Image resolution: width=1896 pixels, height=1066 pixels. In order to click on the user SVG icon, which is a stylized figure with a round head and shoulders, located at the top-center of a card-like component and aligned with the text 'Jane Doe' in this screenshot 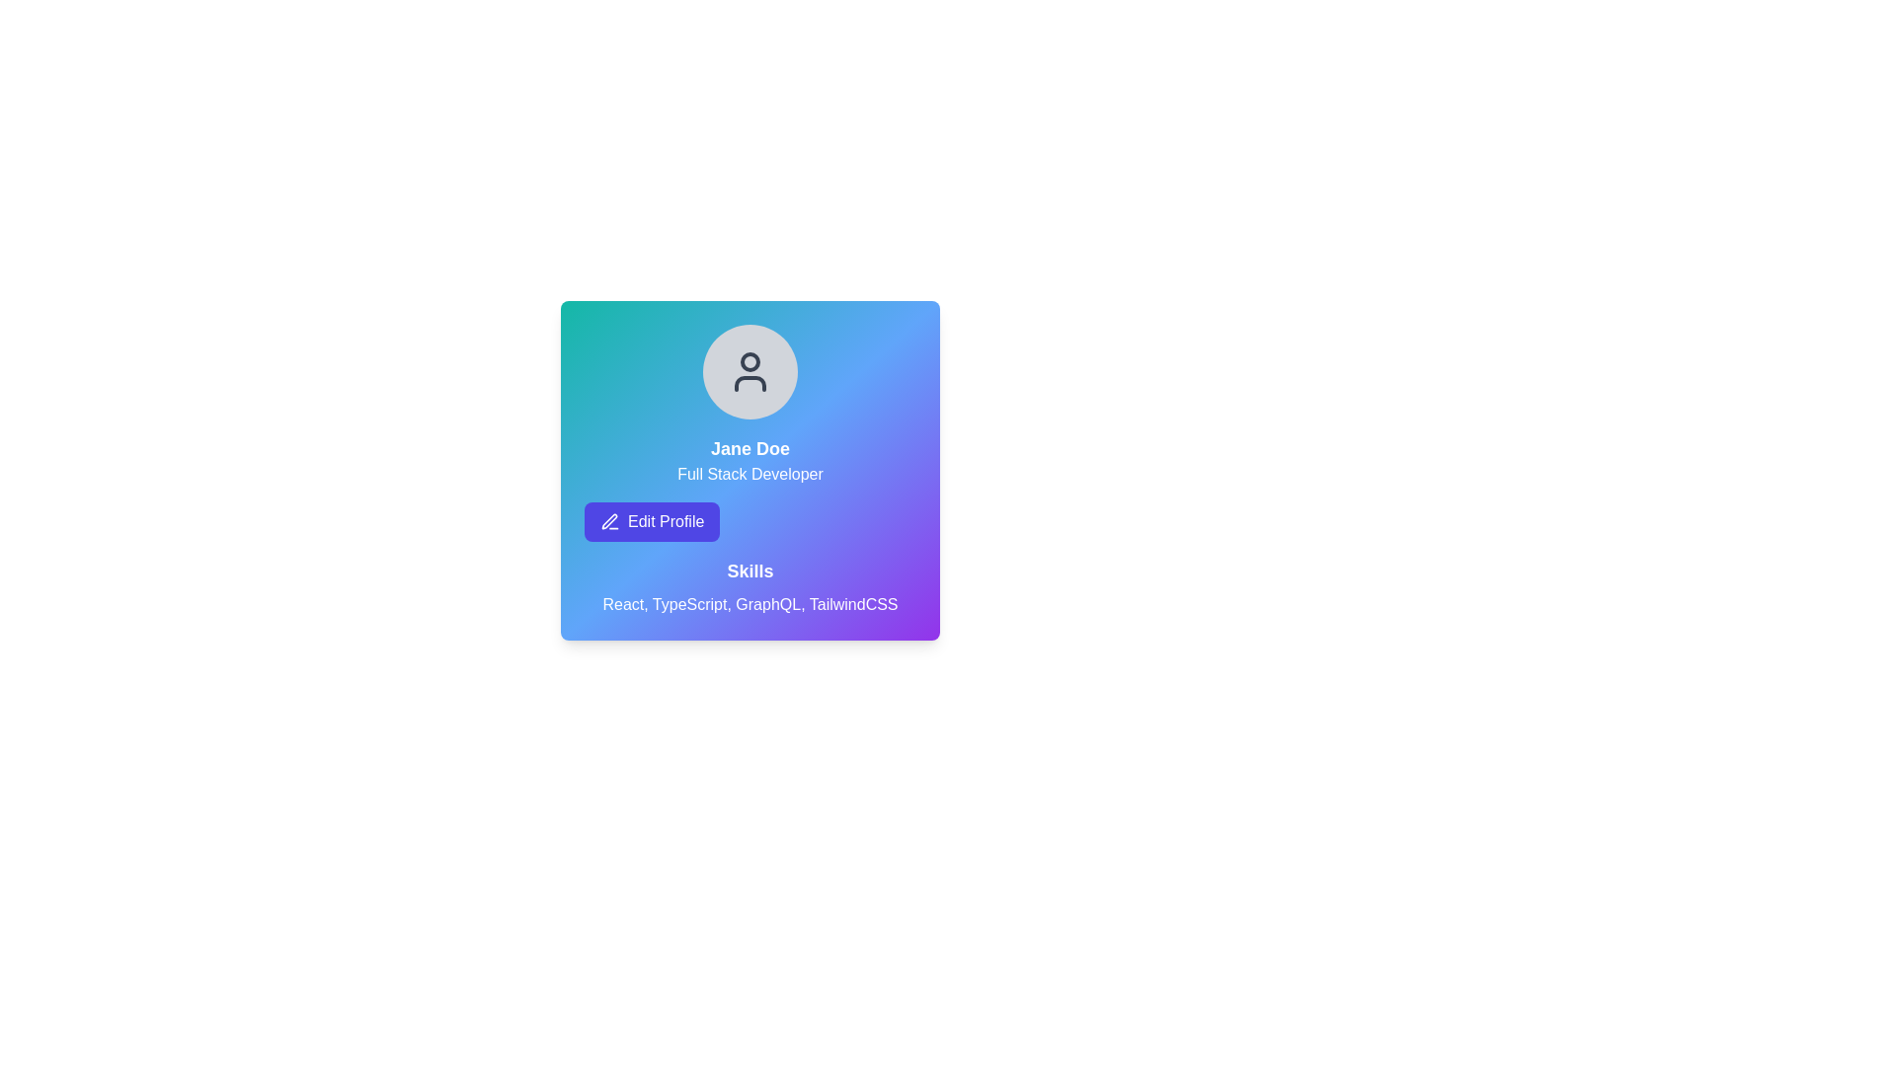, I will do `click(749, 372)`.